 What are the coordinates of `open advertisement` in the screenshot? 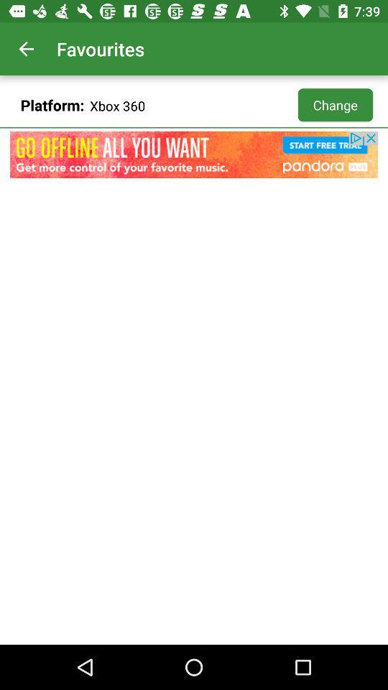 It's located at (194, 155).